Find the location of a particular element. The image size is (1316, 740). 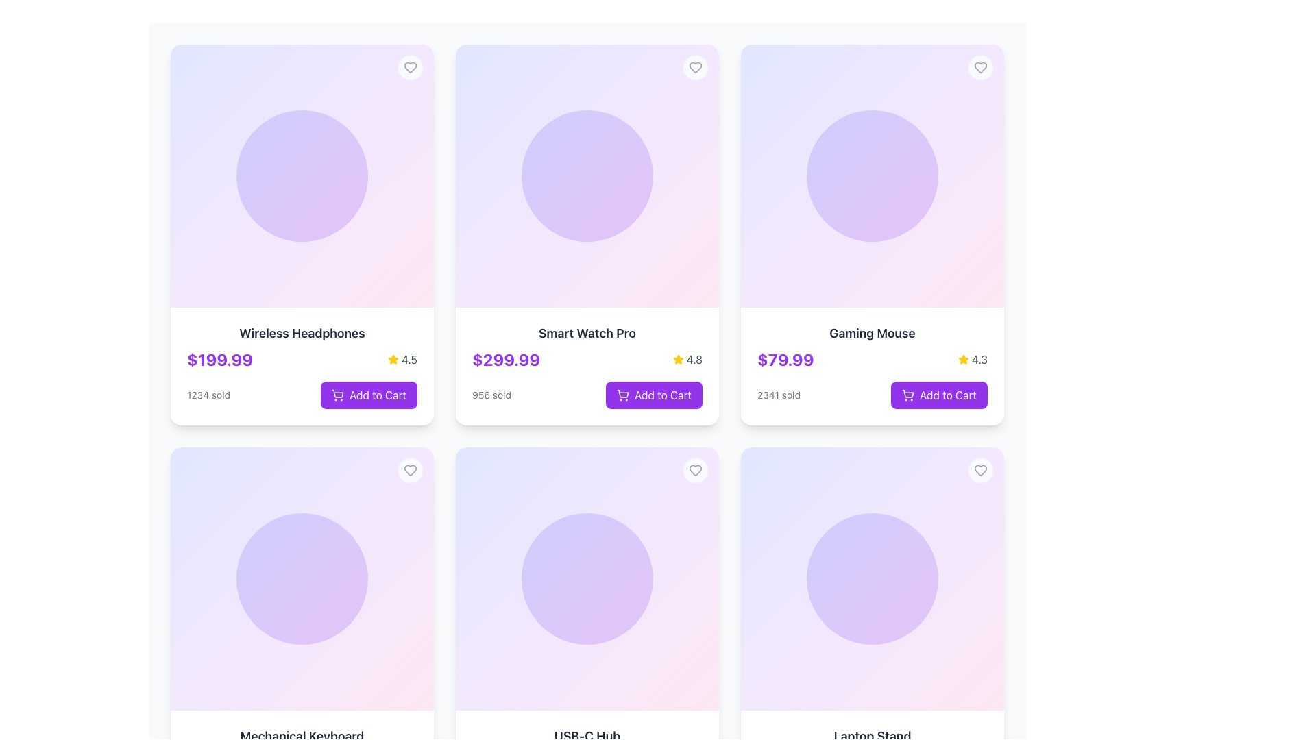

the Decorative section with gradient inside the 'Gaming Mouse' card, located in the top-right section of the grid layout is located at coordinates (871, 175).